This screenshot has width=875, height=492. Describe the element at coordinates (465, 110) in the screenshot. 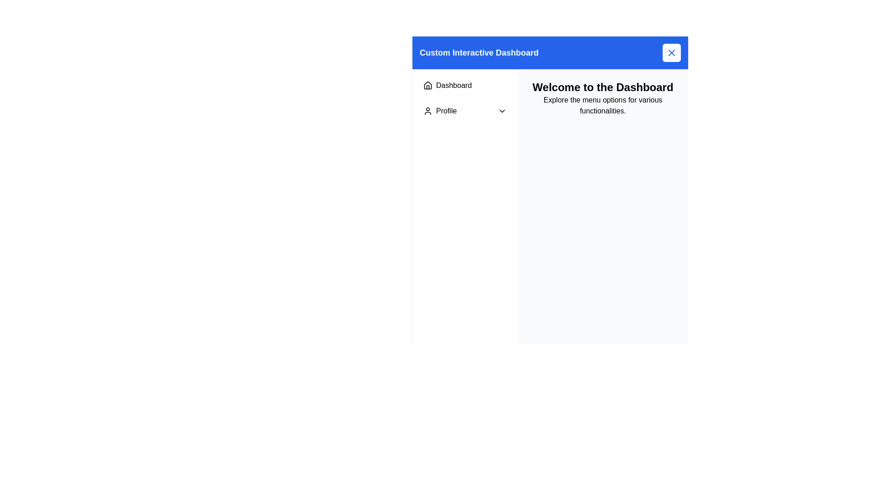

I see `the 'Profile' navigation button located in the left sidebar` at that location.